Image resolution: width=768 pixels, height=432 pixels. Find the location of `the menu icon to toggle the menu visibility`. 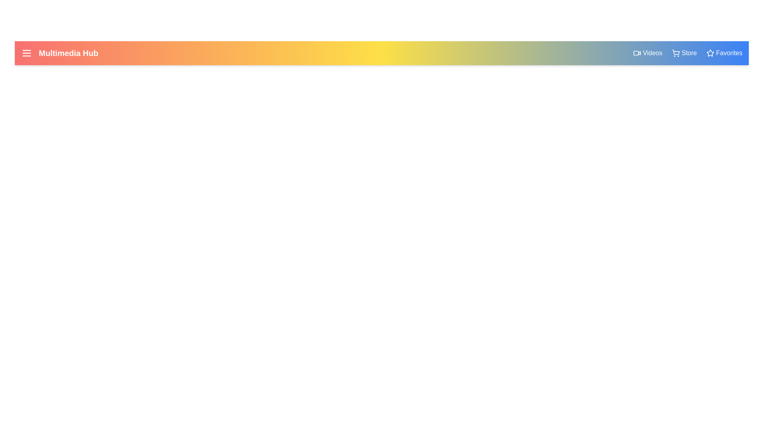

the menu icon to toggle the menu visibility is located at coordinates (27, 53).